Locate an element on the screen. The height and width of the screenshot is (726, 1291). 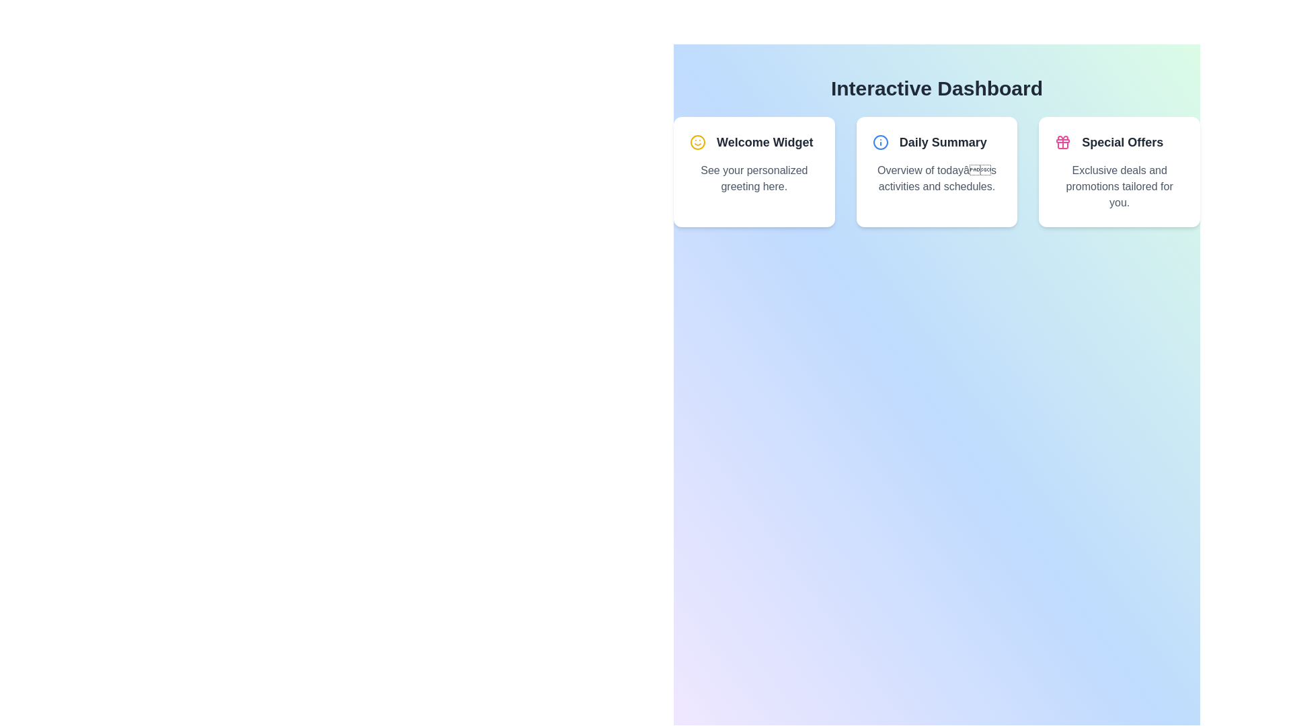
the central blue circular vector graphic element of the SVG icon located near the 'Daily Summary' widget is located at coordinates (880, 143).